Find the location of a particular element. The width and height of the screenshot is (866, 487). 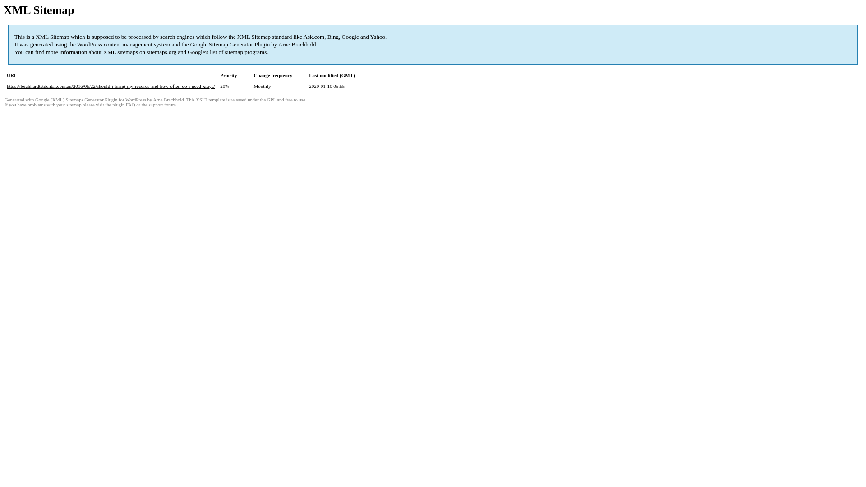

'support forum' is located at coordinates (162, 104).